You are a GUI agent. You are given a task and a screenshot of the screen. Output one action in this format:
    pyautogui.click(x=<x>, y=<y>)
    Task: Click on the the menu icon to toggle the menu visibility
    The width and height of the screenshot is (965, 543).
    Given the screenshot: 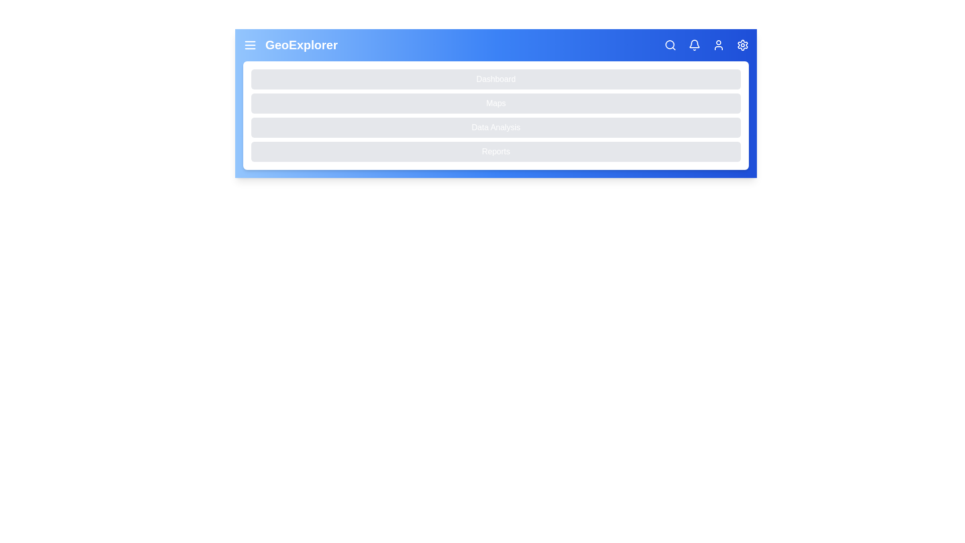 What is the action you would take?
    pyautogui.click(x=250, y=44)
    